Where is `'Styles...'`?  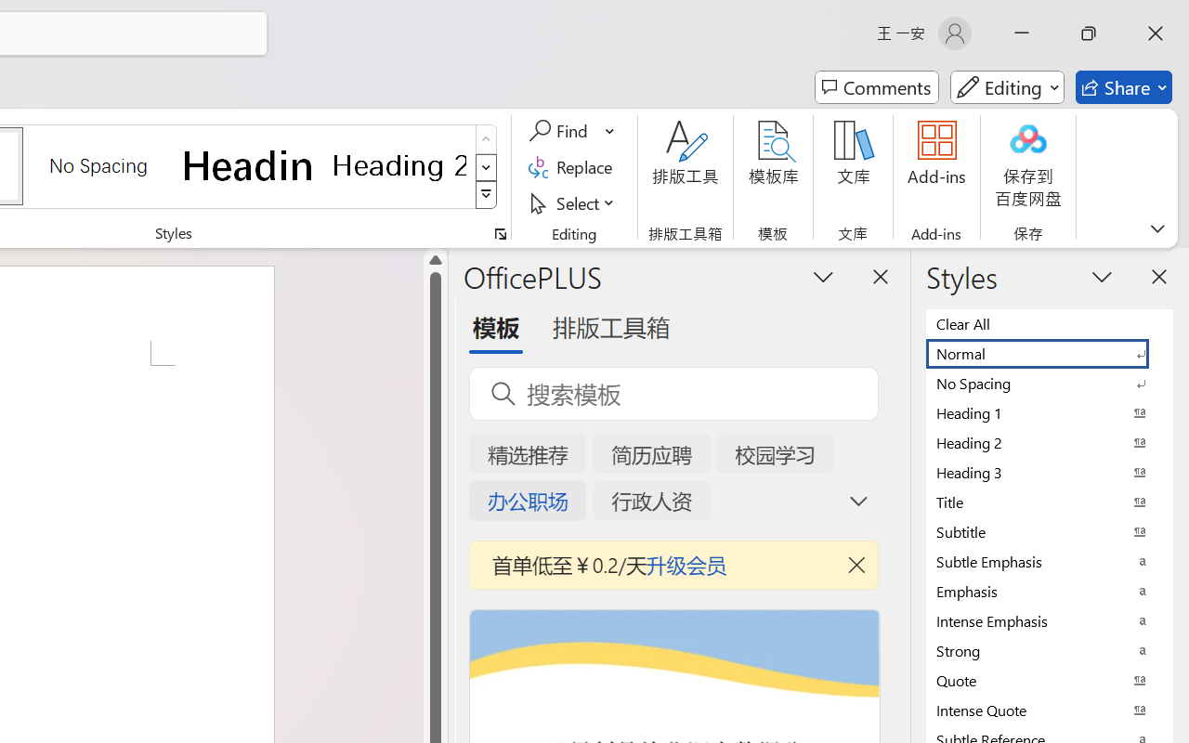
'Styles...' is located at coordinates (500, 233).